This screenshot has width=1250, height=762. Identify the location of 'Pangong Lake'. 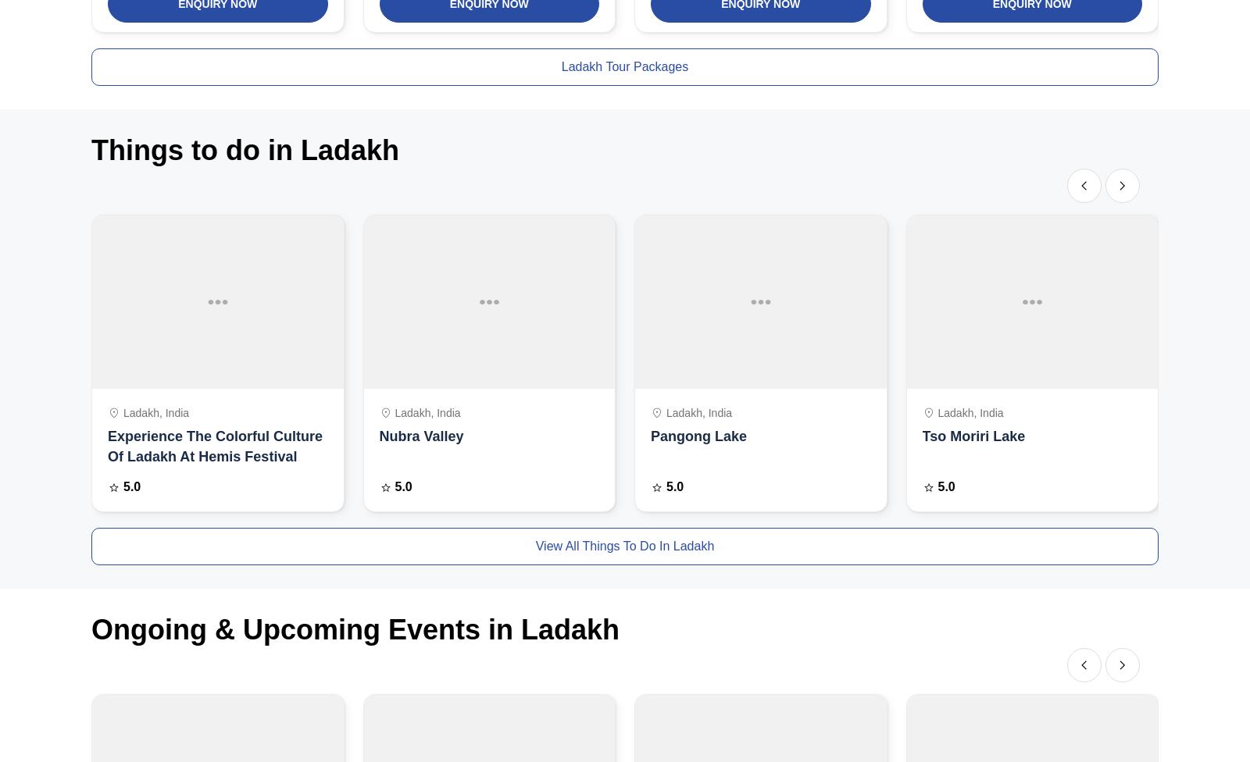
(698, 436).